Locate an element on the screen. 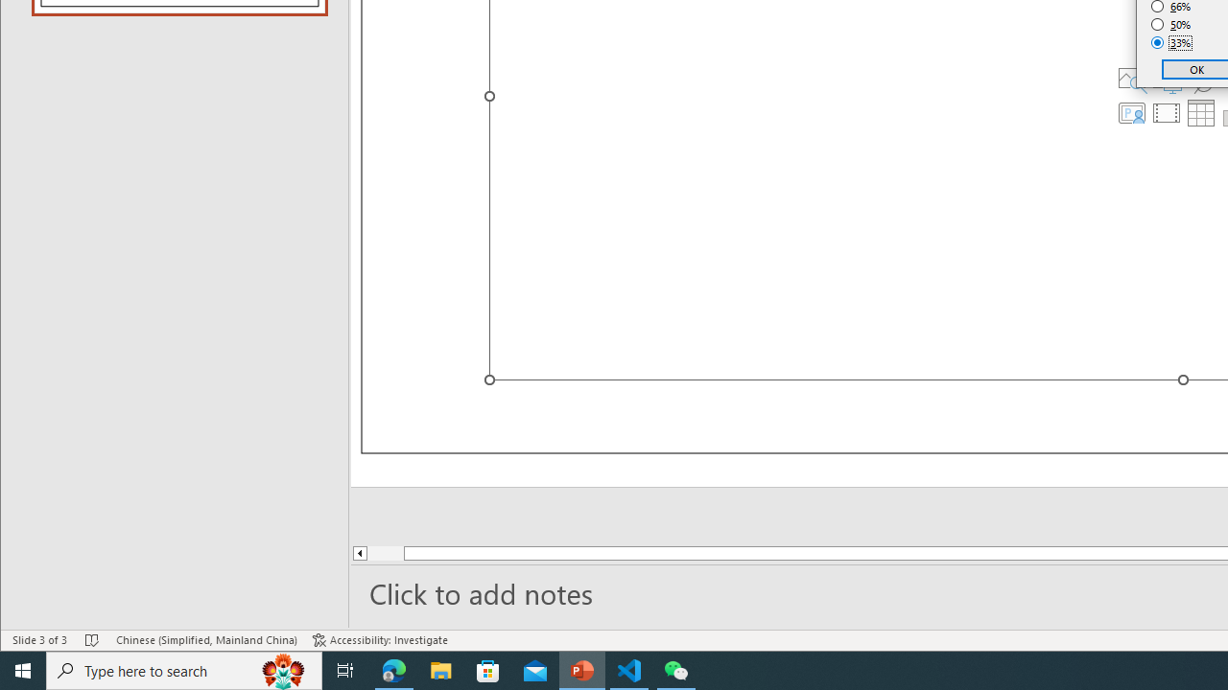 The width and height of the screenshot is (1228, 690). 'WeChat - 1 running window' is located at coordinates (676, 669).